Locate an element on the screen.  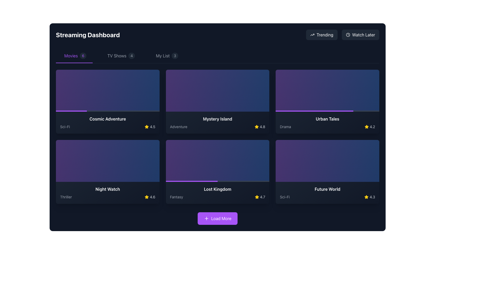
the SVG circle element that serves as the outer circular boundary of the clock icon, located near the 'Watch Later' button in the top-right corner of the interface is located at coordinates (348, 35).